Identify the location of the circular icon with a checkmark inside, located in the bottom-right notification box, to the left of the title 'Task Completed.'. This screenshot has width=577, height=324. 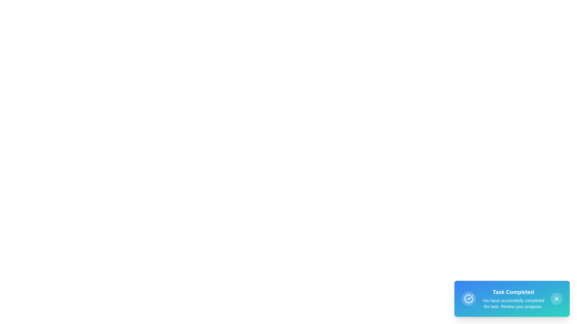
(469, 298).